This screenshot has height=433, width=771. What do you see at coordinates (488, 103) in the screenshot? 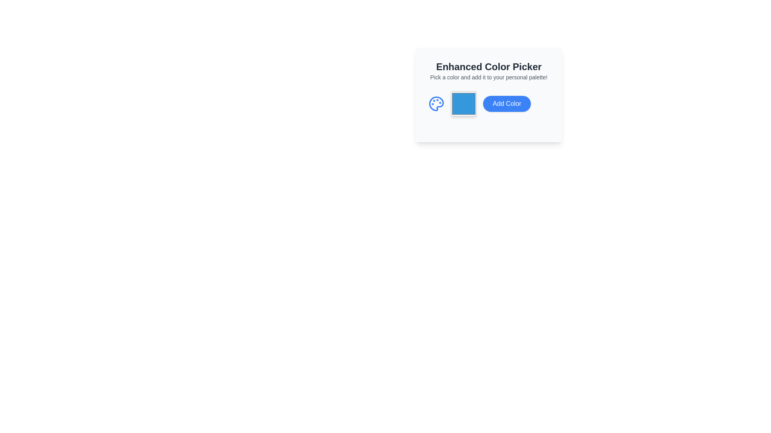
I see `the blue button labeled 'Add Color' to observe any hover effects within the color picker widget` at bounding box center [488, 103].